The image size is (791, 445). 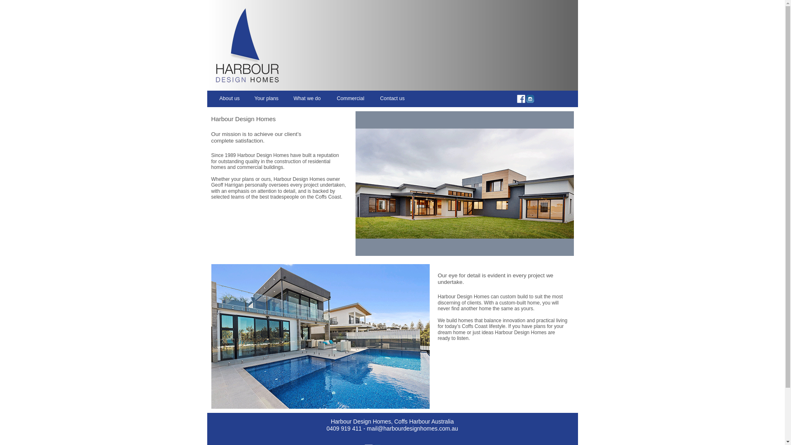 What do you see at coordinates (219, 98) in the screenshot?
I see `'About us'` at bounding box center [219, 98].